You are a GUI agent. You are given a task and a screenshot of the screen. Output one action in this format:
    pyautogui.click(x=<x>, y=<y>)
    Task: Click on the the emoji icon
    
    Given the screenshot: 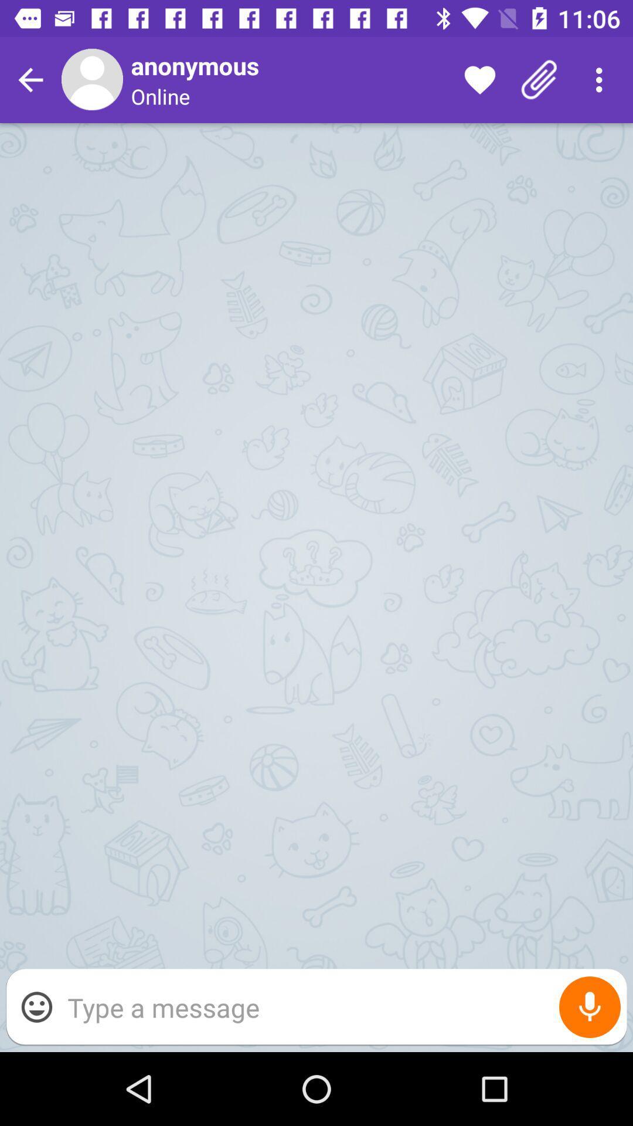 What is the action you would take?
    pyautogui.click(x=36, y=1006)
    